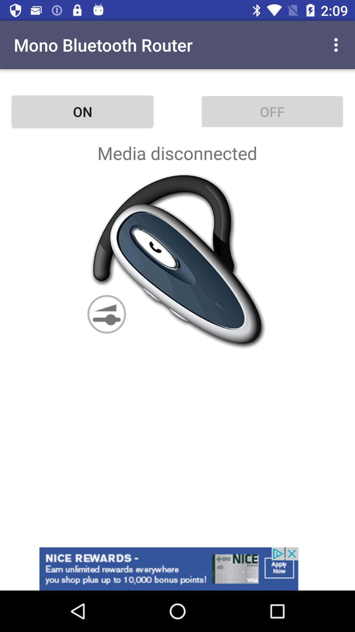  I want to click on open device volume control, so click(177, 260).